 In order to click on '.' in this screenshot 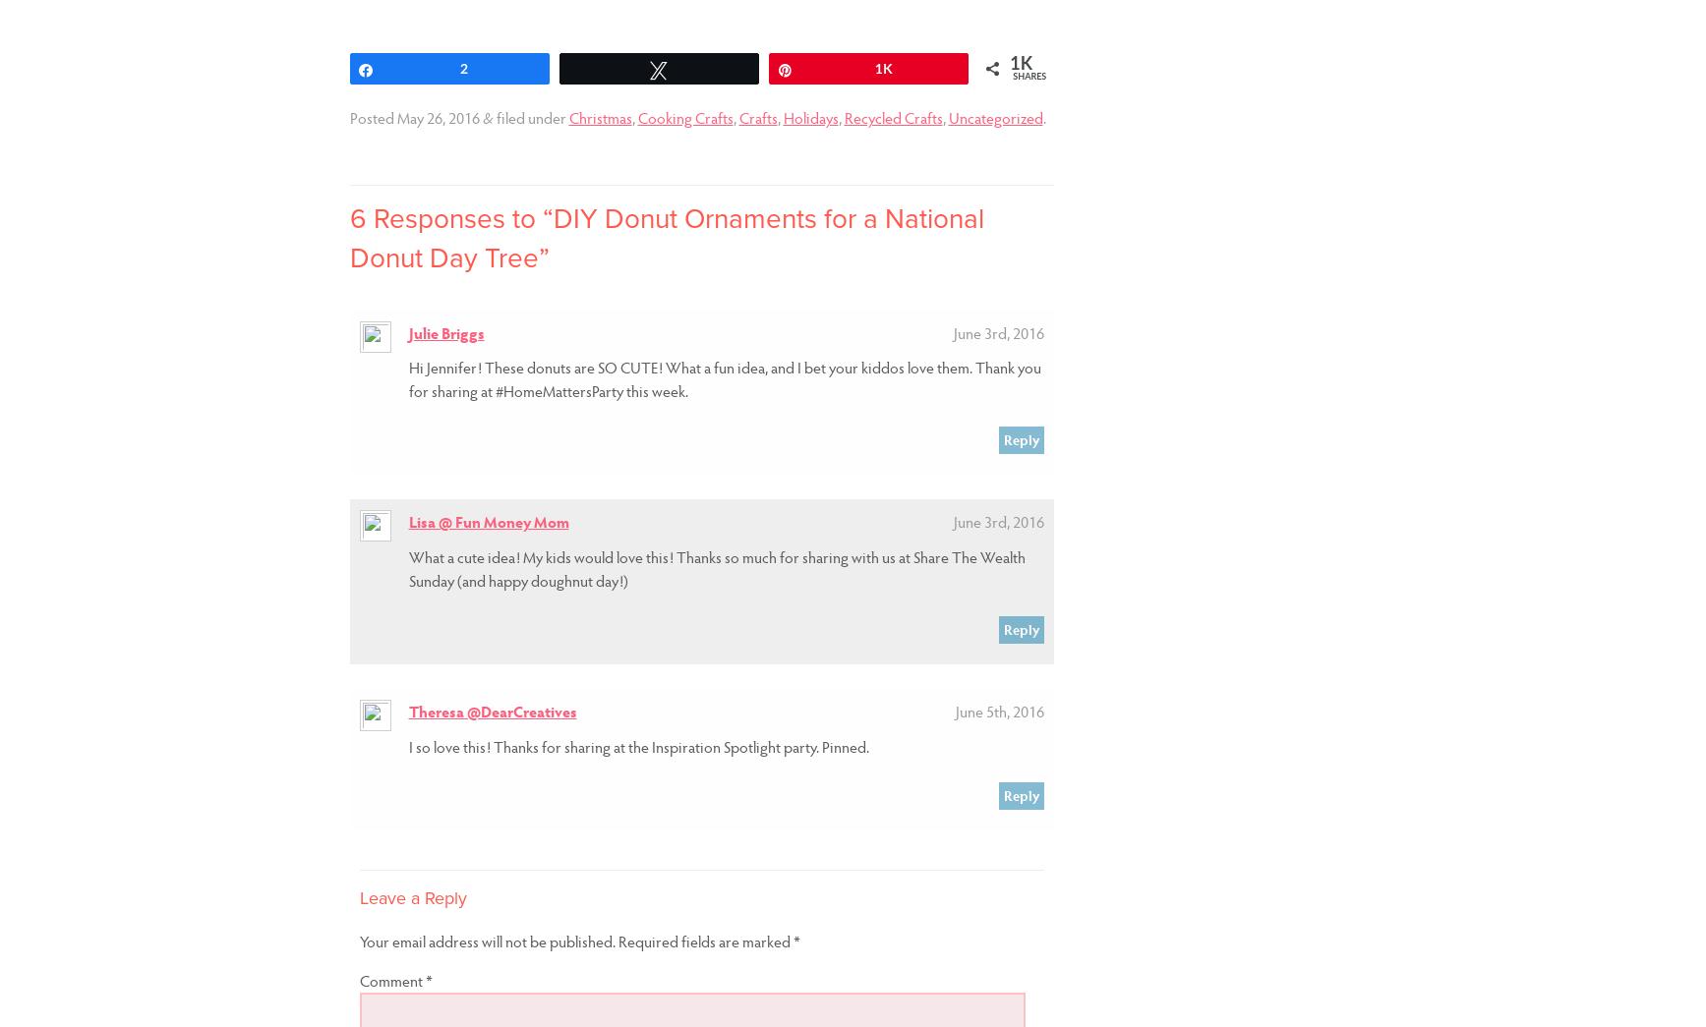, I will do `click(1042, 116)`.